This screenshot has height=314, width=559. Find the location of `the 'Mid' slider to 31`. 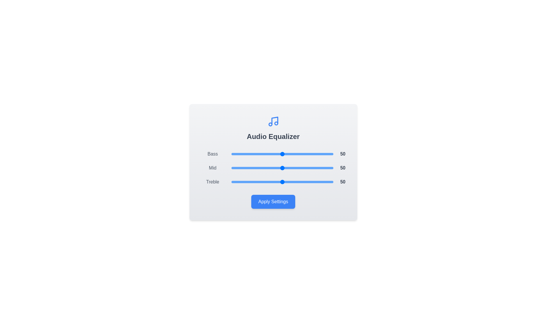

the 'Mid' slider to 31 is located at coordinates (262, 168).